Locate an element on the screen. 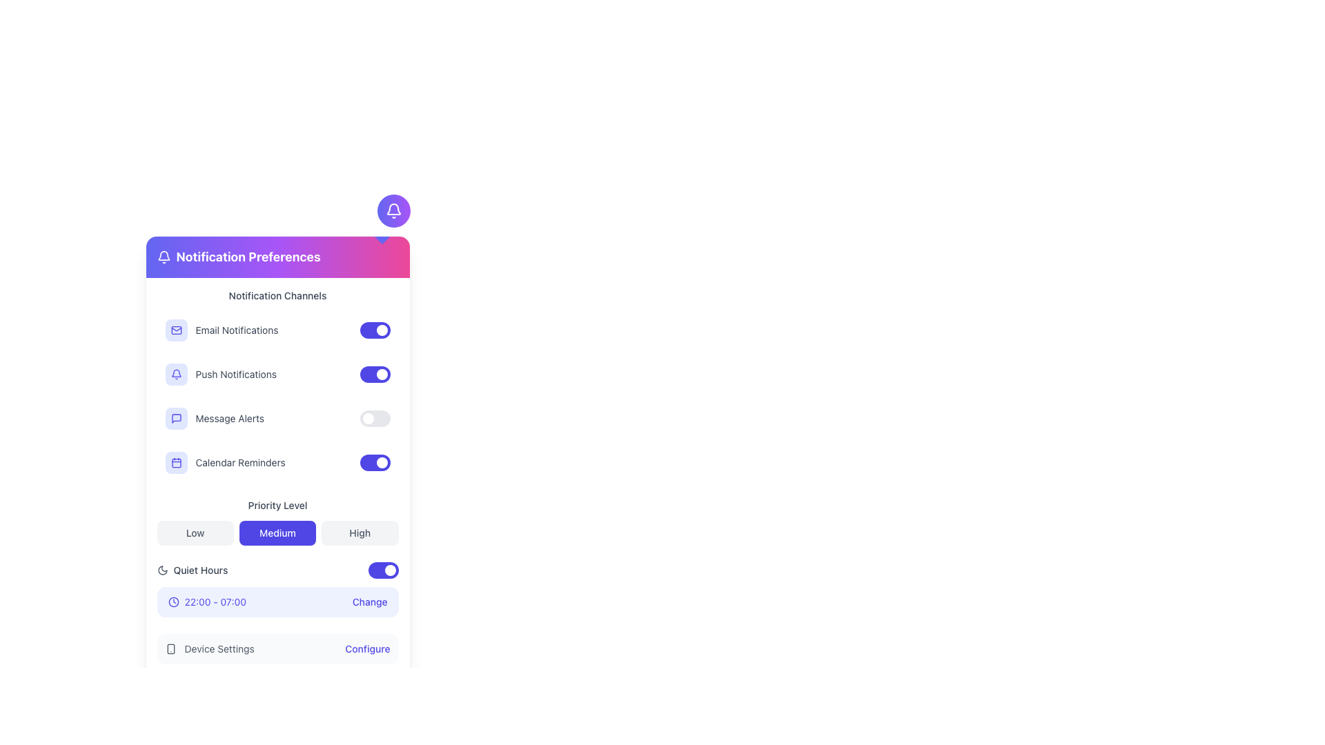 The height and width of the screenshot is (745, 1325). the static text label that reads 'Quiet Hours', which is part of a group layout with a moon icon on the left and a toggle switch on the right, located in the lower-middle area of the interface is located at coordinates (199, 570).